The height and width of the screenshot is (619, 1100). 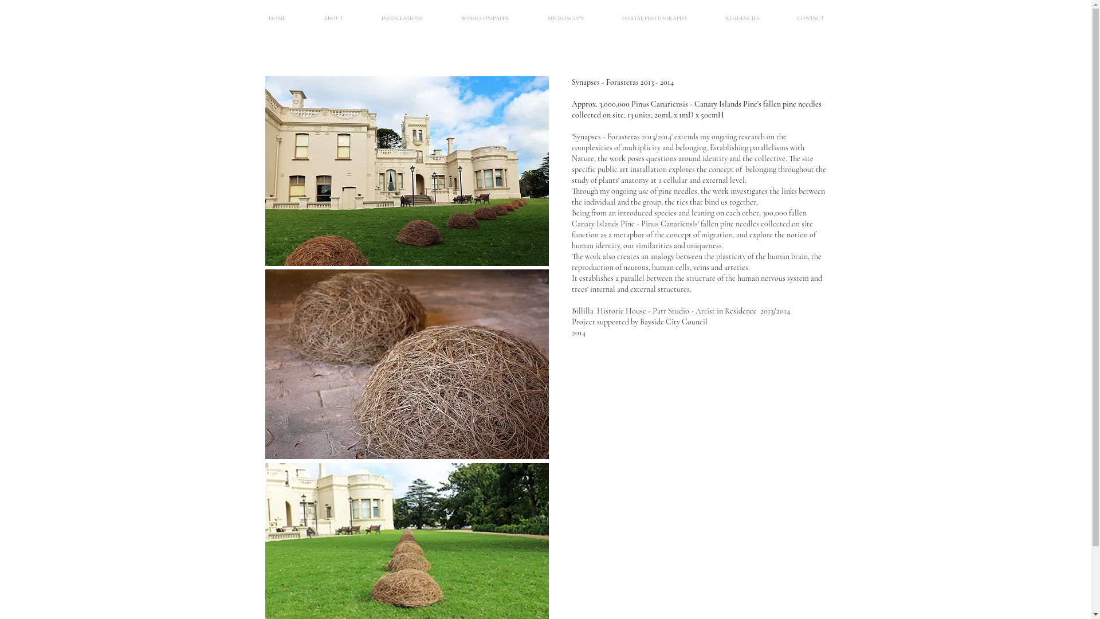 I want to click on 'CONTACT', so click(x=810, y=18).